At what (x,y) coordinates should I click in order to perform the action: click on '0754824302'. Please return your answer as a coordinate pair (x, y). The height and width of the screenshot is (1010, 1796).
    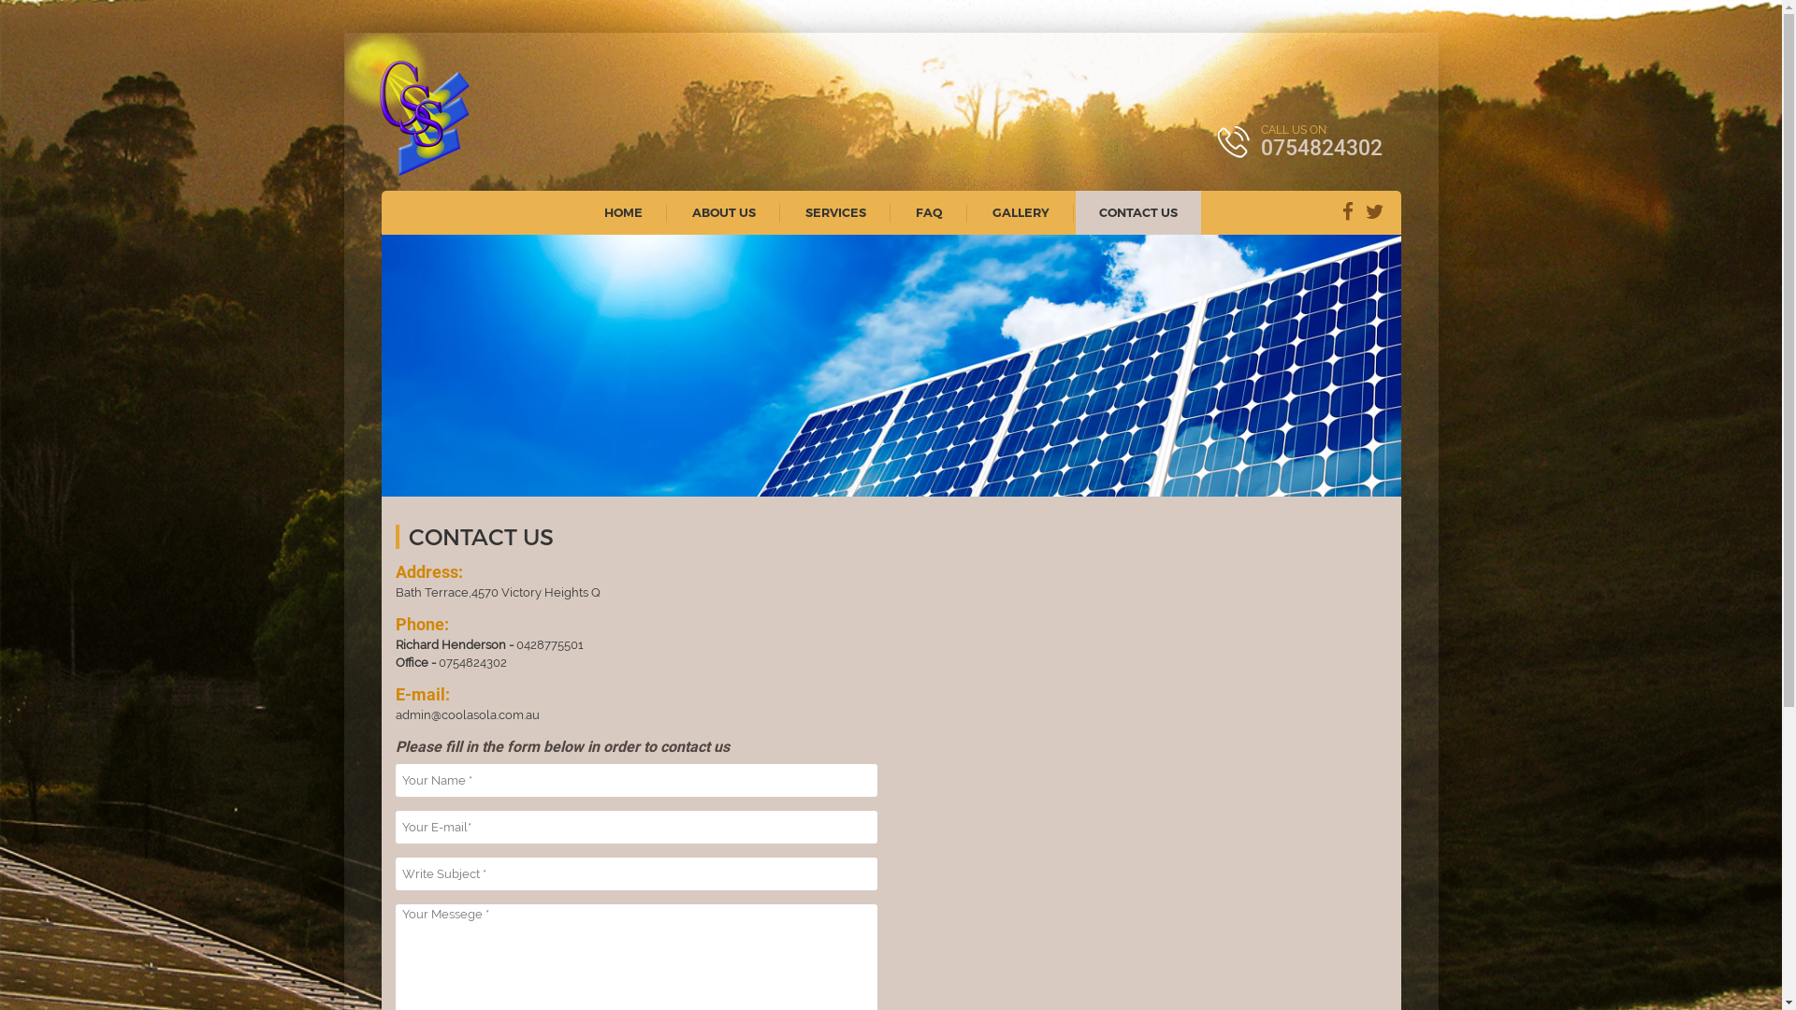
    Looking at the image, I should click on (1320, 147).